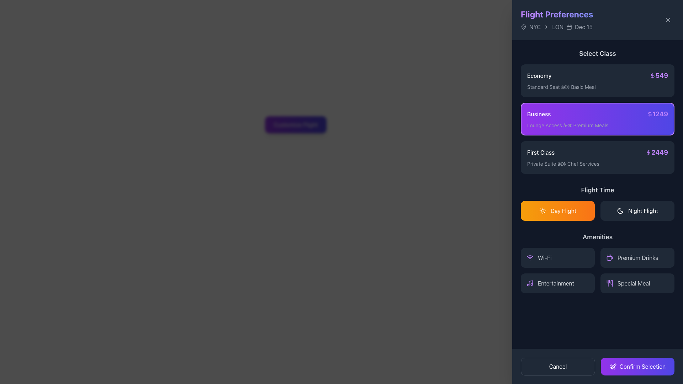  Describe the element at coordinates (609, 283) in the screenshot. I see `the 'Special Meal' icon in the 'Amenities' section of the sidebar, located next to the text label 'Special Meal'` at that location.